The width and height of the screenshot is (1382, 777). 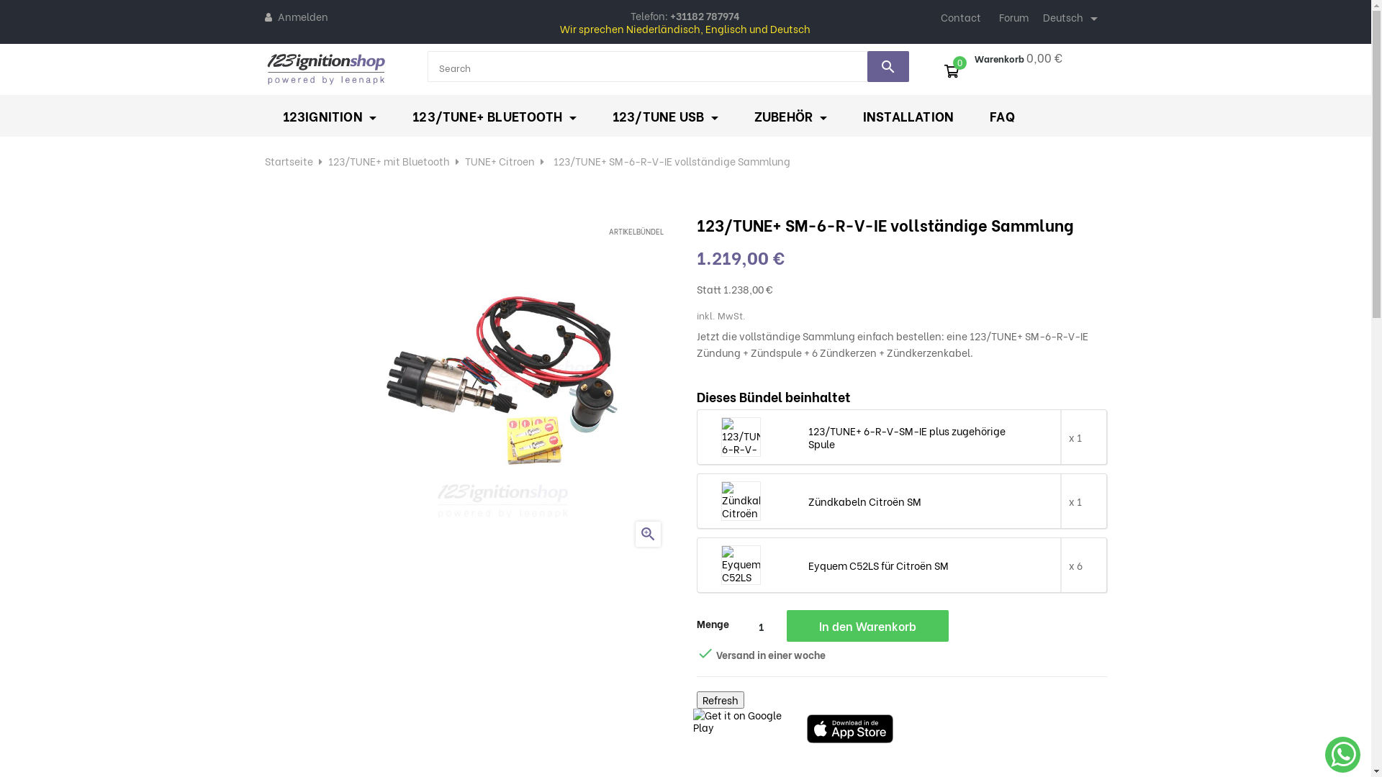 What do you see at coordinates (866, 625) in the screenshot?
I see `'In den Warenkorb'` at bounding box center [866, 625].